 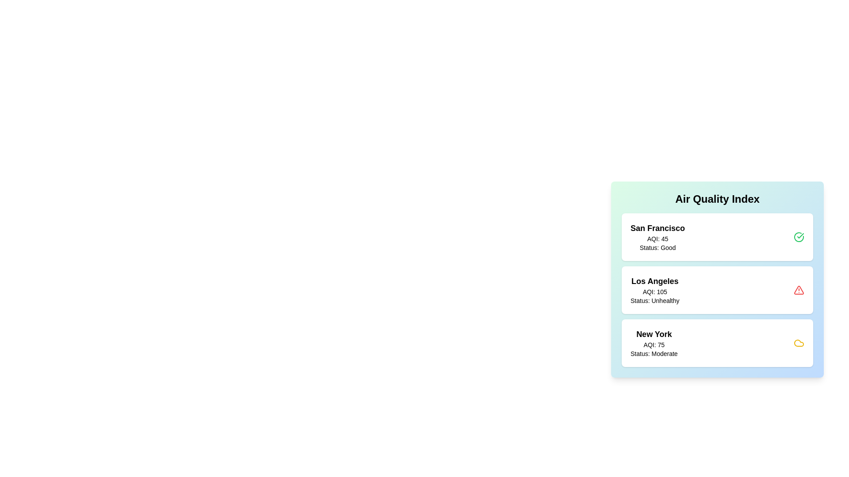 I want to click on the location card for Los Angeles, so click(x=717, y=290).